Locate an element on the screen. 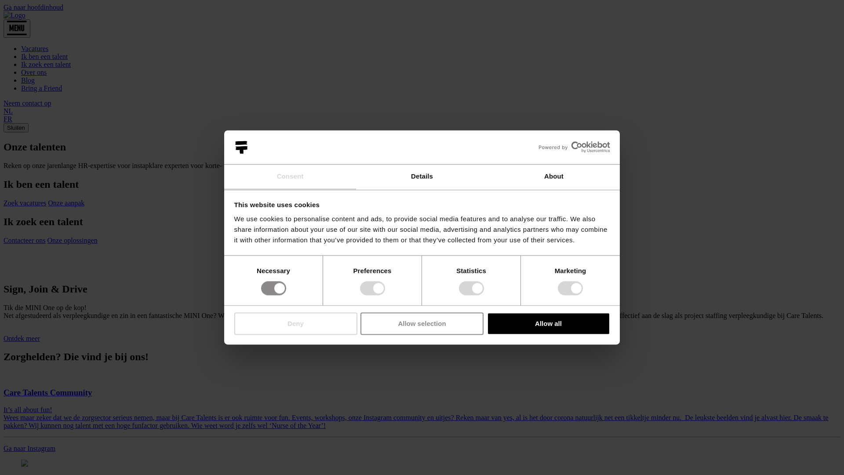  'Over ons' is located at coordinates (33, 72).